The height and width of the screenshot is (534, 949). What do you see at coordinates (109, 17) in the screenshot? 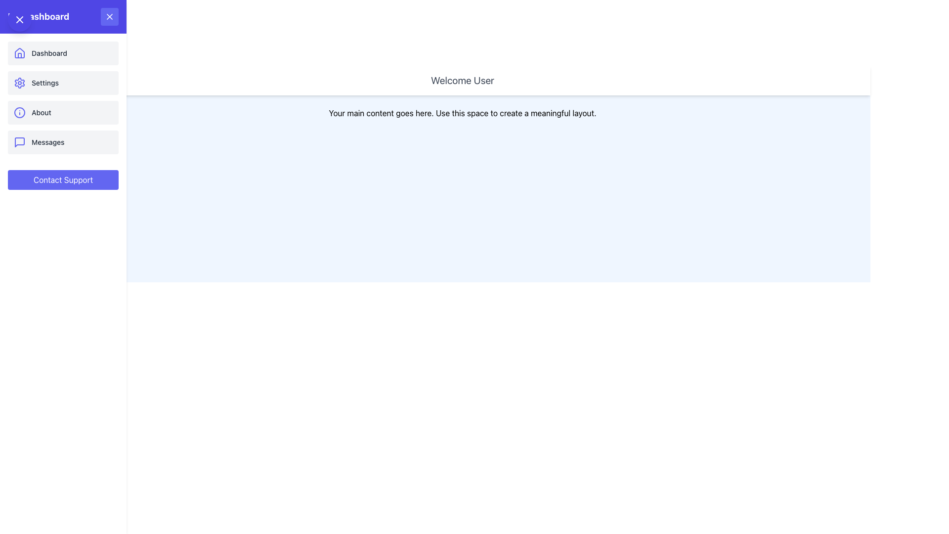
I see `the close button located in the top-right corner of the left sidebar, positioned to the right of the 'Dashboard' text label` at bounding box center [109, 17].